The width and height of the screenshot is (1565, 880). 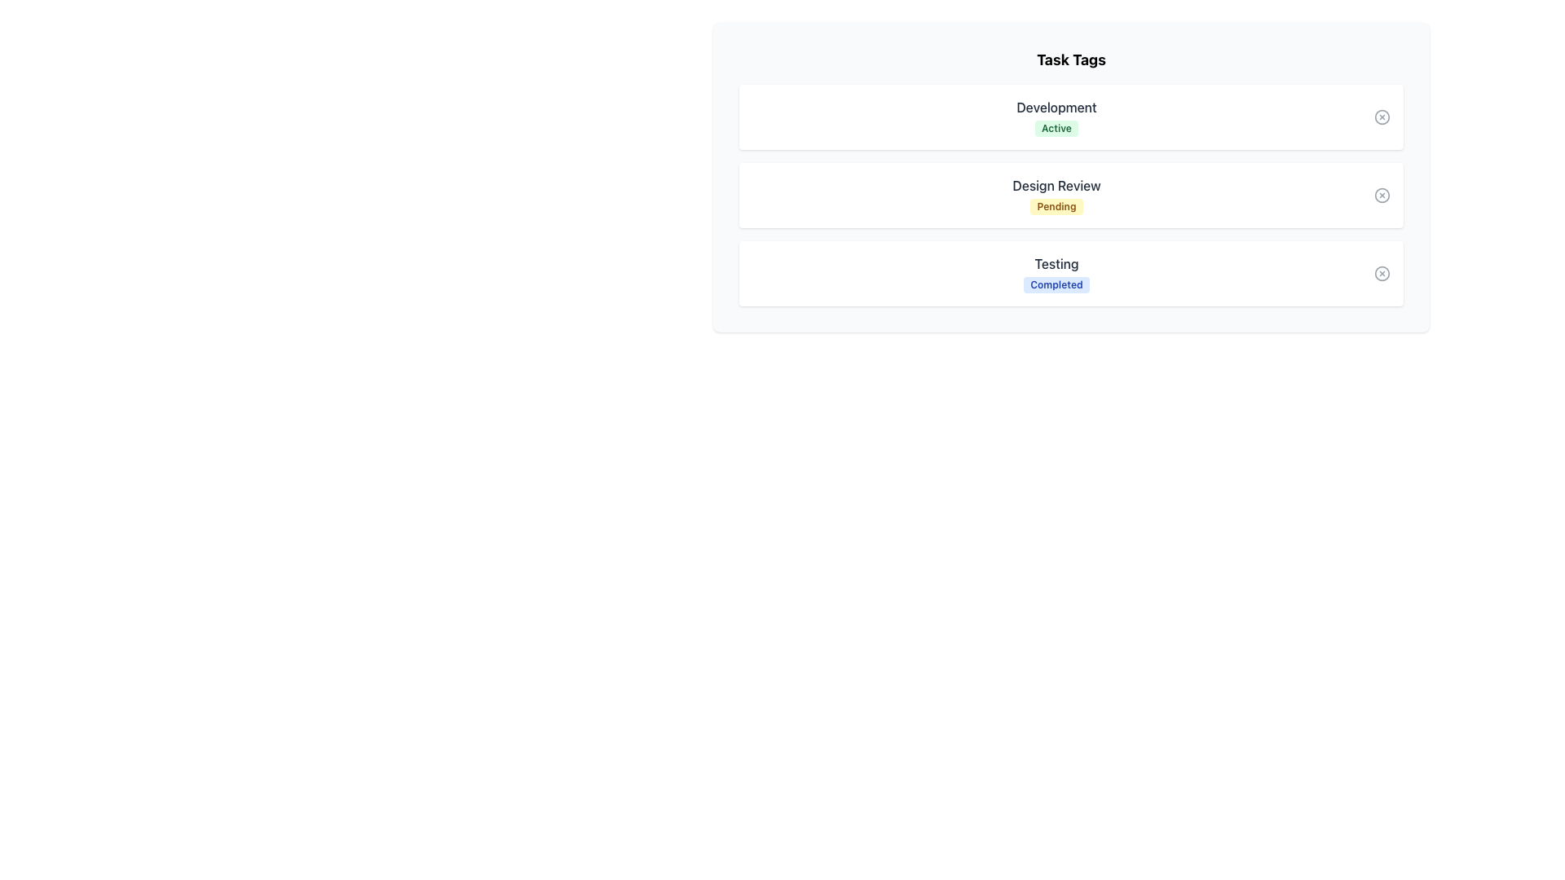 What do you see at coordinates (1381, 272) in the screenshot?
I see `the icon button located at the far right of the 'Testing' task tag to observe a color change` at bounding box center [1381, 272].